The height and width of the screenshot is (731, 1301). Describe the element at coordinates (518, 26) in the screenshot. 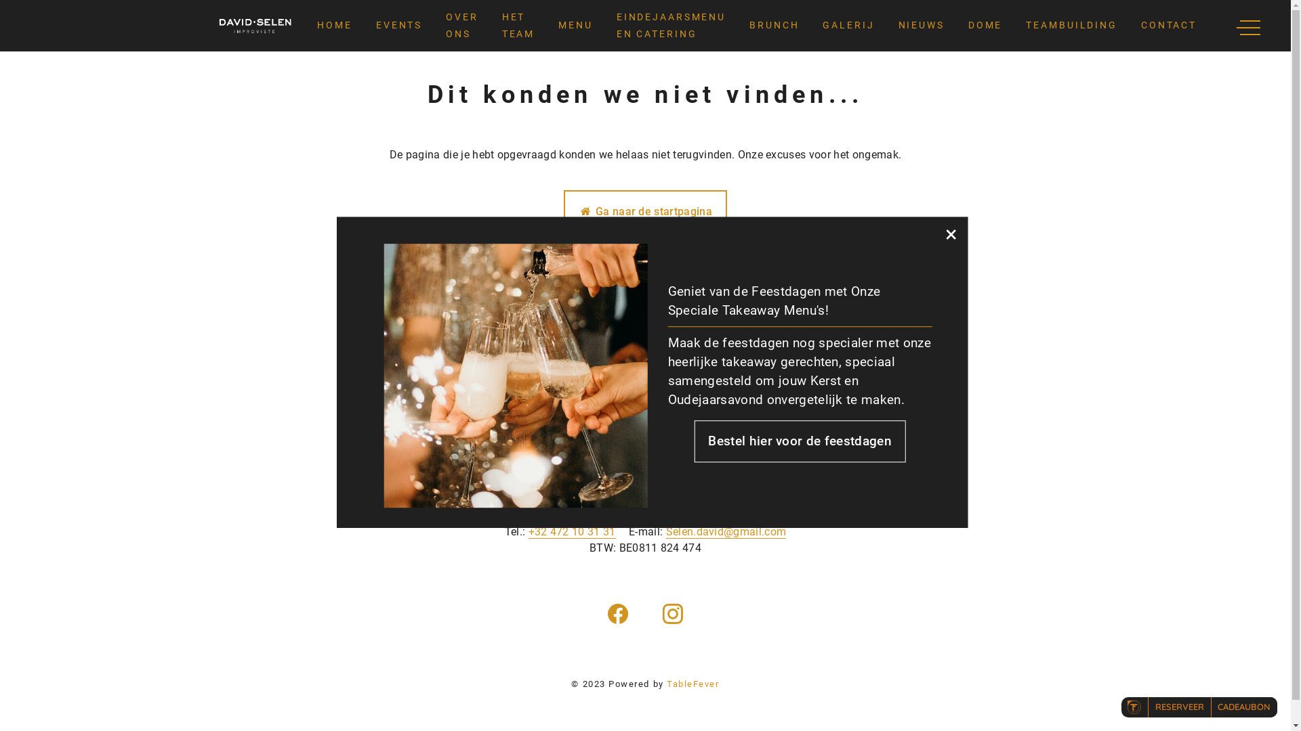

I see `'HET TEAM'` at that location.